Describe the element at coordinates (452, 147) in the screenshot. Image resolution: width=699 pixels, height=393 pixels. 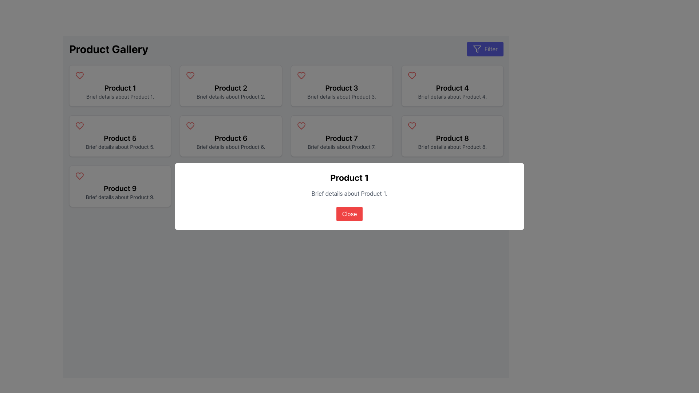
I see `the text displaying 'Brief details about Product 8.' located within the card for Product 8` at that location.